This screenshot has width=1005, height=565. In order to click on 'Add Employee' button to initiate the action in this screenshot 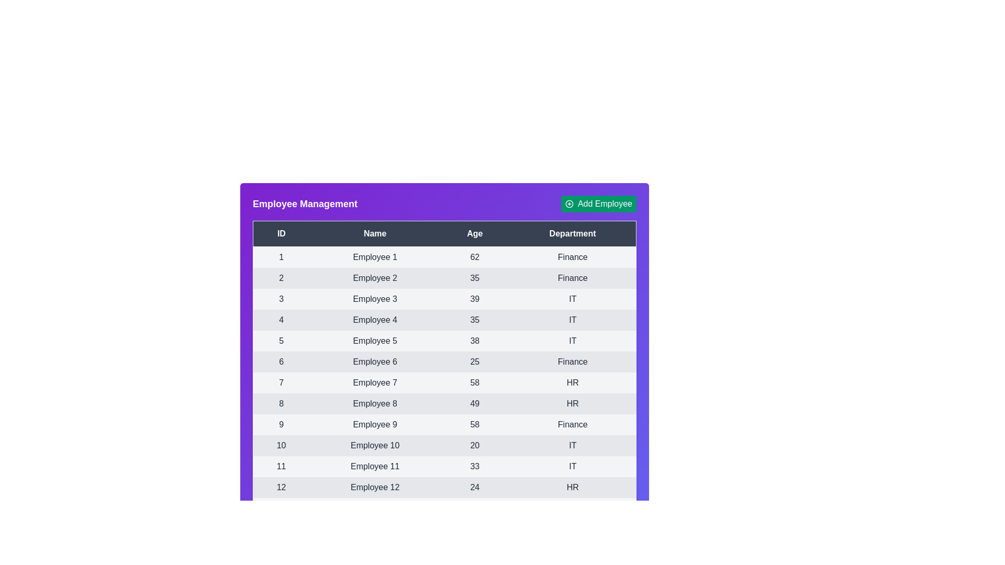, I will do `click(598, 204)`.